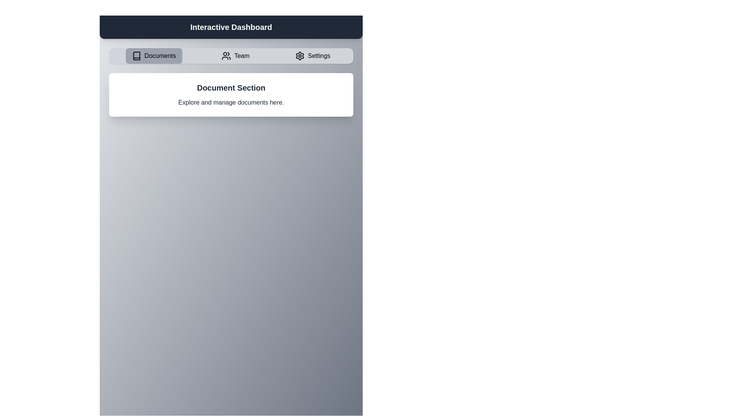  What do you see at coordinates (231, 94) in the screenshot?
I see `the informational text block titled 'Document Section', which contains the subtitle 'Explore and manage documents here.'` at bounding box center [231, 94].